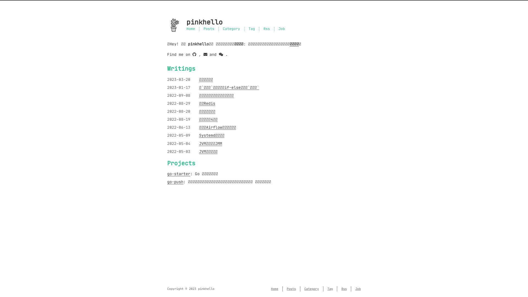  What do you see at coordinates (181, 163) in the screenshot?
I see `'Projects'` at bounding box center [181, 163].